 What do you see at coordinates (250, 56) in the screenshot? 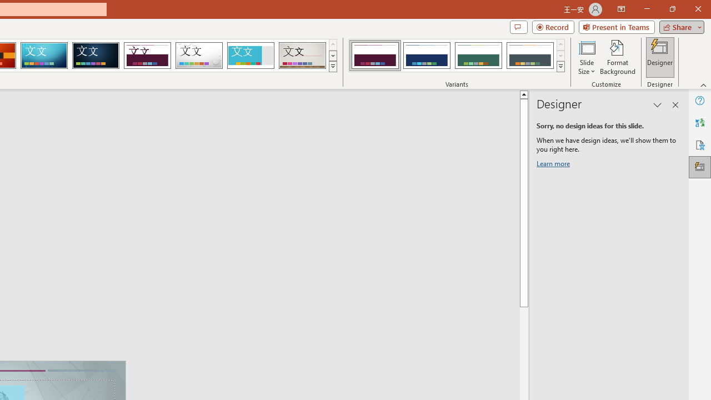
I see `'Frame'` at bounding box center [250, 56].